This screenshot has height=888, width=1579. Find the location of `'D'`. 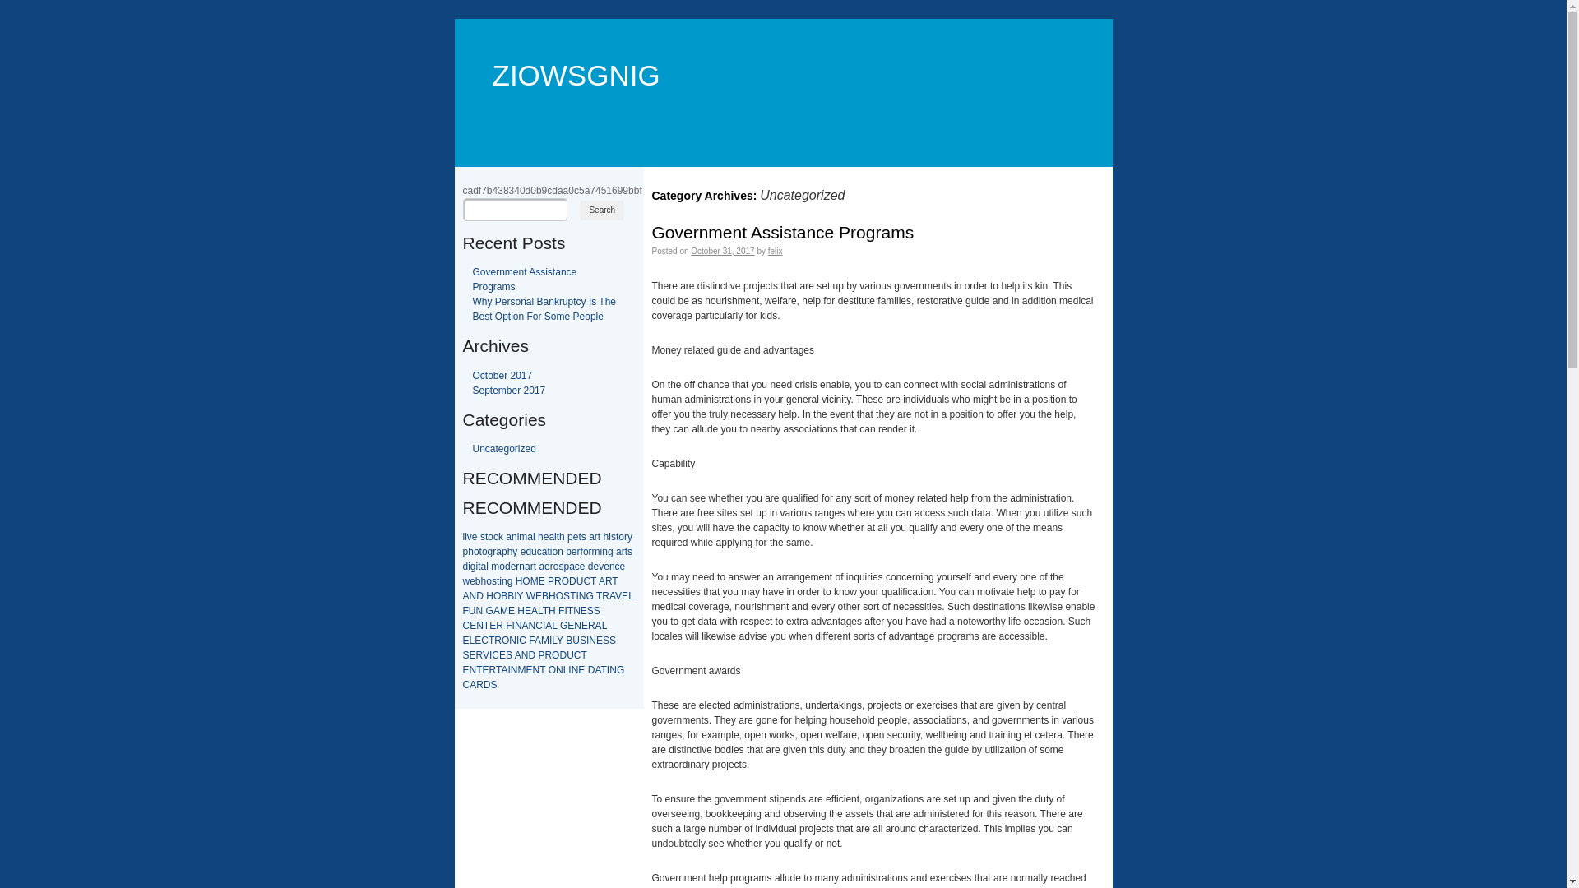

'D' is located at coordinates (528, 654).